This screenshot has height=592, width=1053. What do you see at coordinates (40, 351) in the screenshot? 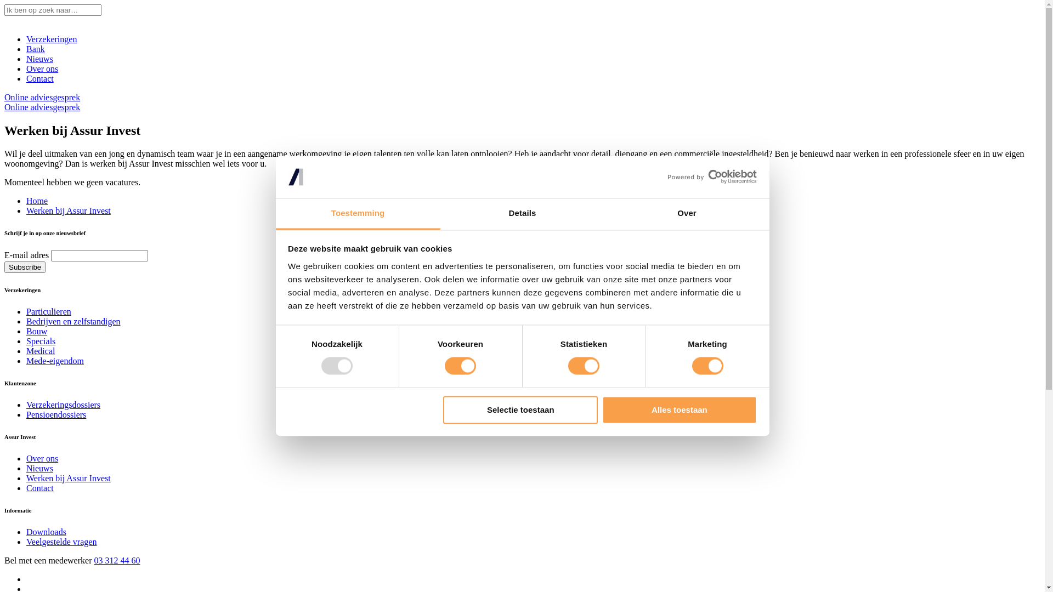
I see `'Medical'` at bounding box center [40, 351].